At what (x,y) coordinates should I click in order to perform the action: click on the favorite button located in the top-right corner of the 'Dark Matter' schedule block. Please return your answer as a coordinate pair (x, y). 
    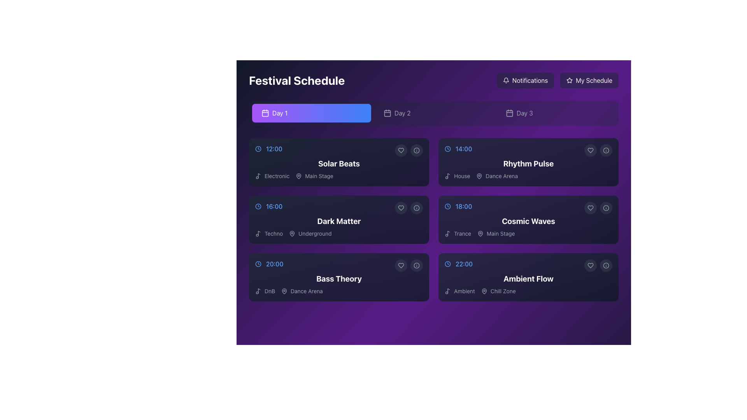
    Looking at the image, I should click on (401, 208).